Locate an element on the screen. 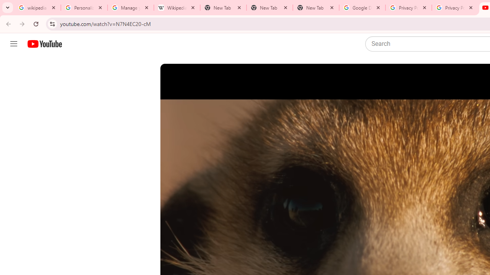  'New Tab' is located at coordinates (316, 8).